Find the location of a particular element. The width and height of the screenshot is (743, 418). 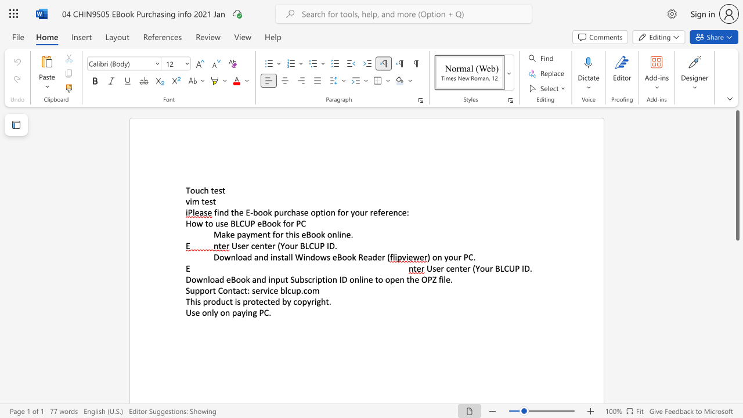

the 1th character "c" in the text is located at coordinates (241, 290).